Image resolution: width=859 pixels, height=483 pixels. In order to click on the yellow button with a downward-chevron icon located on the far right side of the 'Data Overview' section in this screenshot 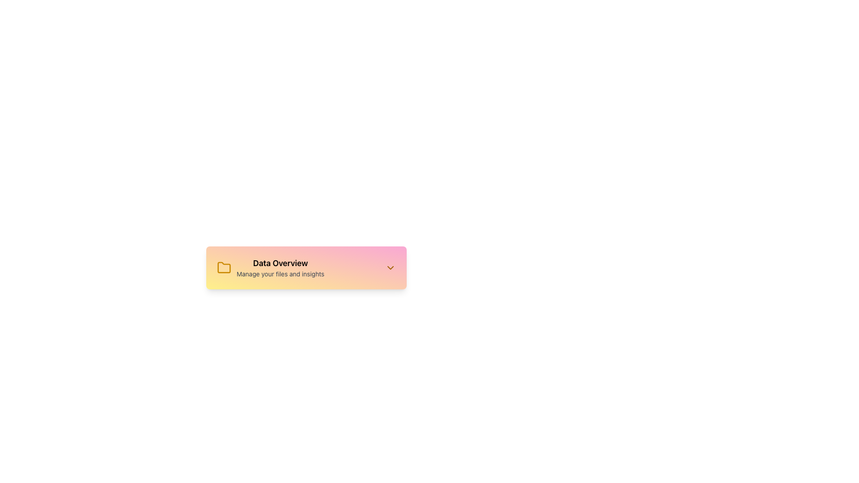, I will do `click(391, 267)`.